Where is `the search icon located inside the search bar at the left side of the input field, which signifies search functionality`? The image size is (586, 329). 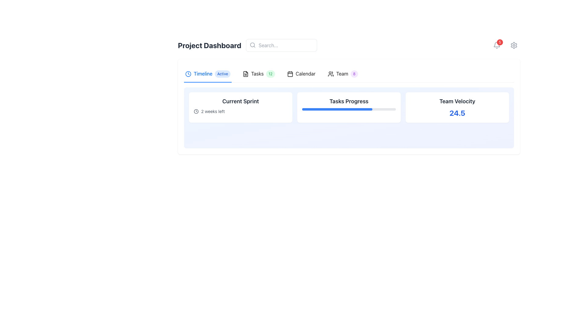 the search icon located inside the search bar at the left side of the input field, which signifies search functionality is located at coordinates (253, 44).